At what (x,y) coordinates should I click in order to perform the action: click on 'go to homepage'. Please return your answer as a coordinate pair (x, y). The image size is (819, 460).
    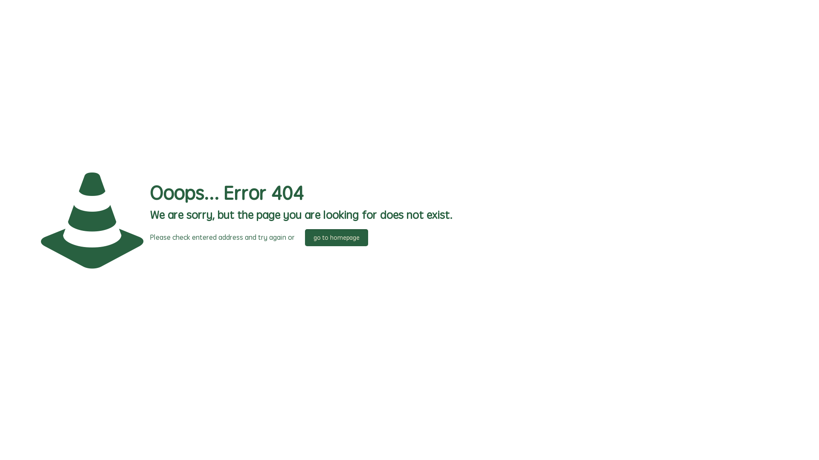
    Looking at the image, I should click on (336, 238).